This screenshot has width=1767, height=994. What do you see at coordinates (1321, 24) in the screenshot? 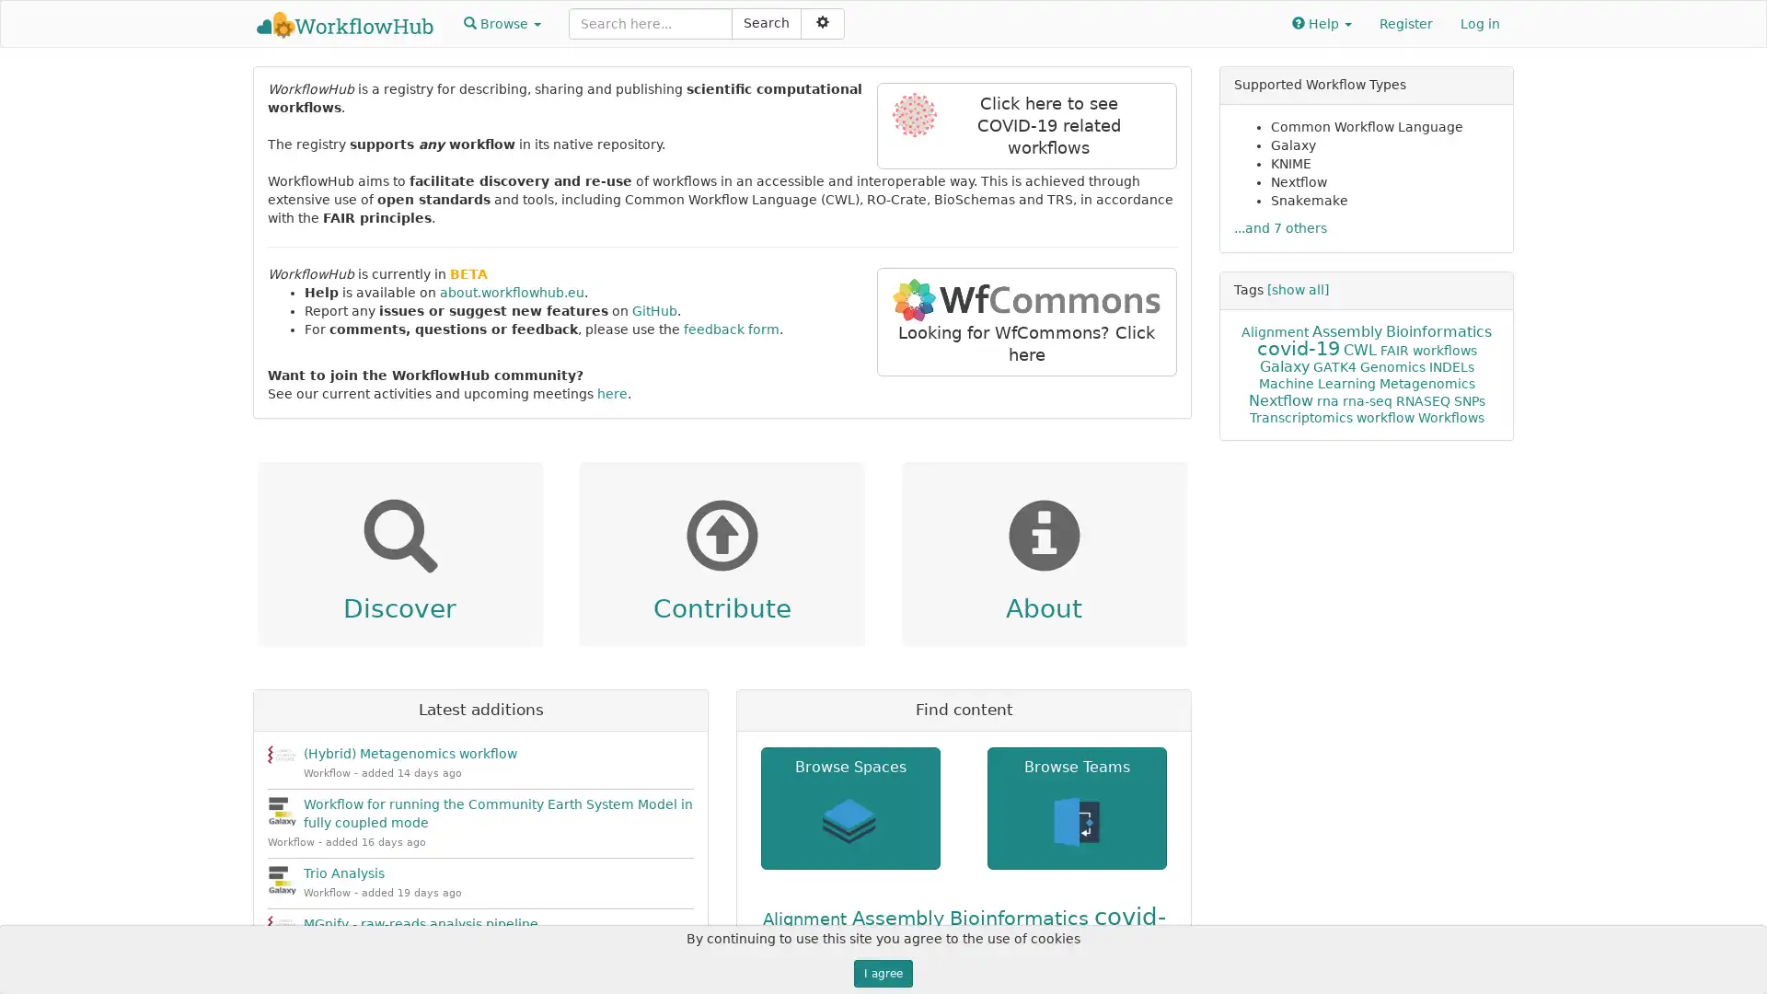
I see `Help` at bounding box center [1321, 24].